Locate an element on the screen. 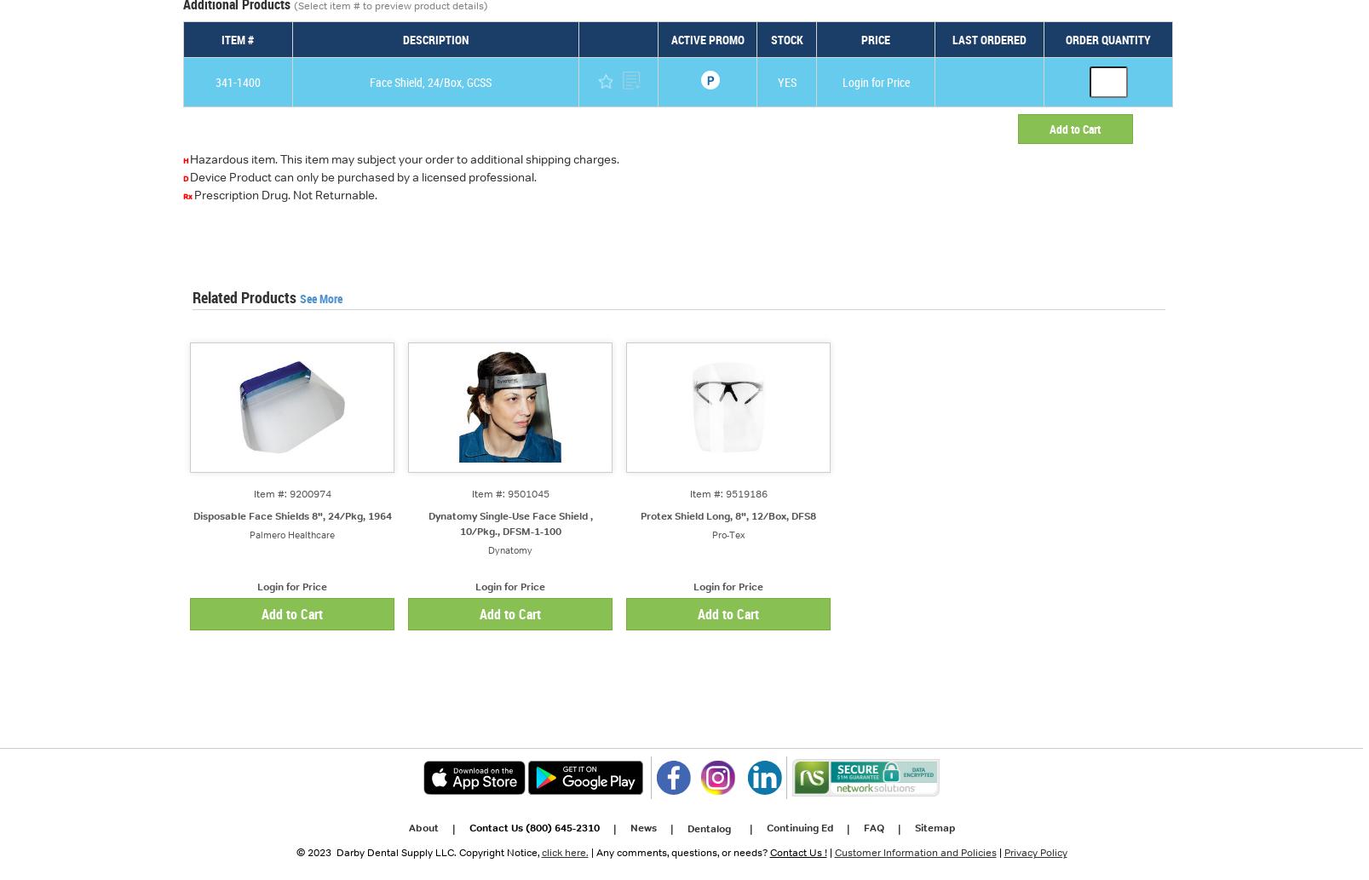 The width and height of the screenshot is (1369, 880). 'Palmero Healthcare' is located at coordinates (290, 533).